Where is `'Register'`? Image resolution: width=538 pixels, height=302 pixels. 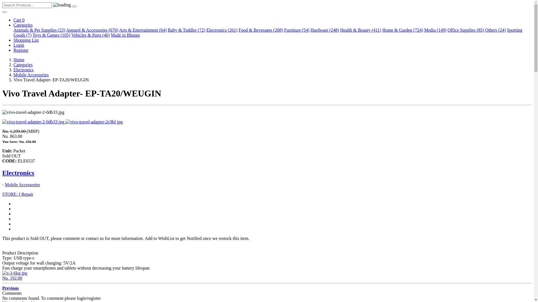 'Register' is located at coordinates (21, 50).